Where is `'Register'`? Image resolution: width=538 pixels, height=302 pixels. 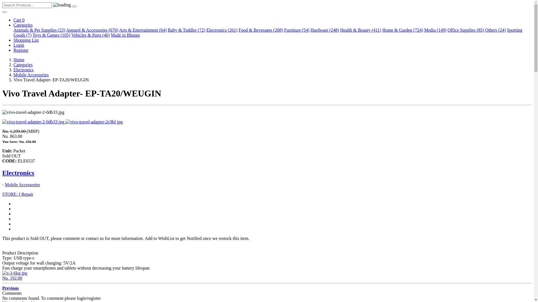 'Register' is located at coordinates (21, 50).